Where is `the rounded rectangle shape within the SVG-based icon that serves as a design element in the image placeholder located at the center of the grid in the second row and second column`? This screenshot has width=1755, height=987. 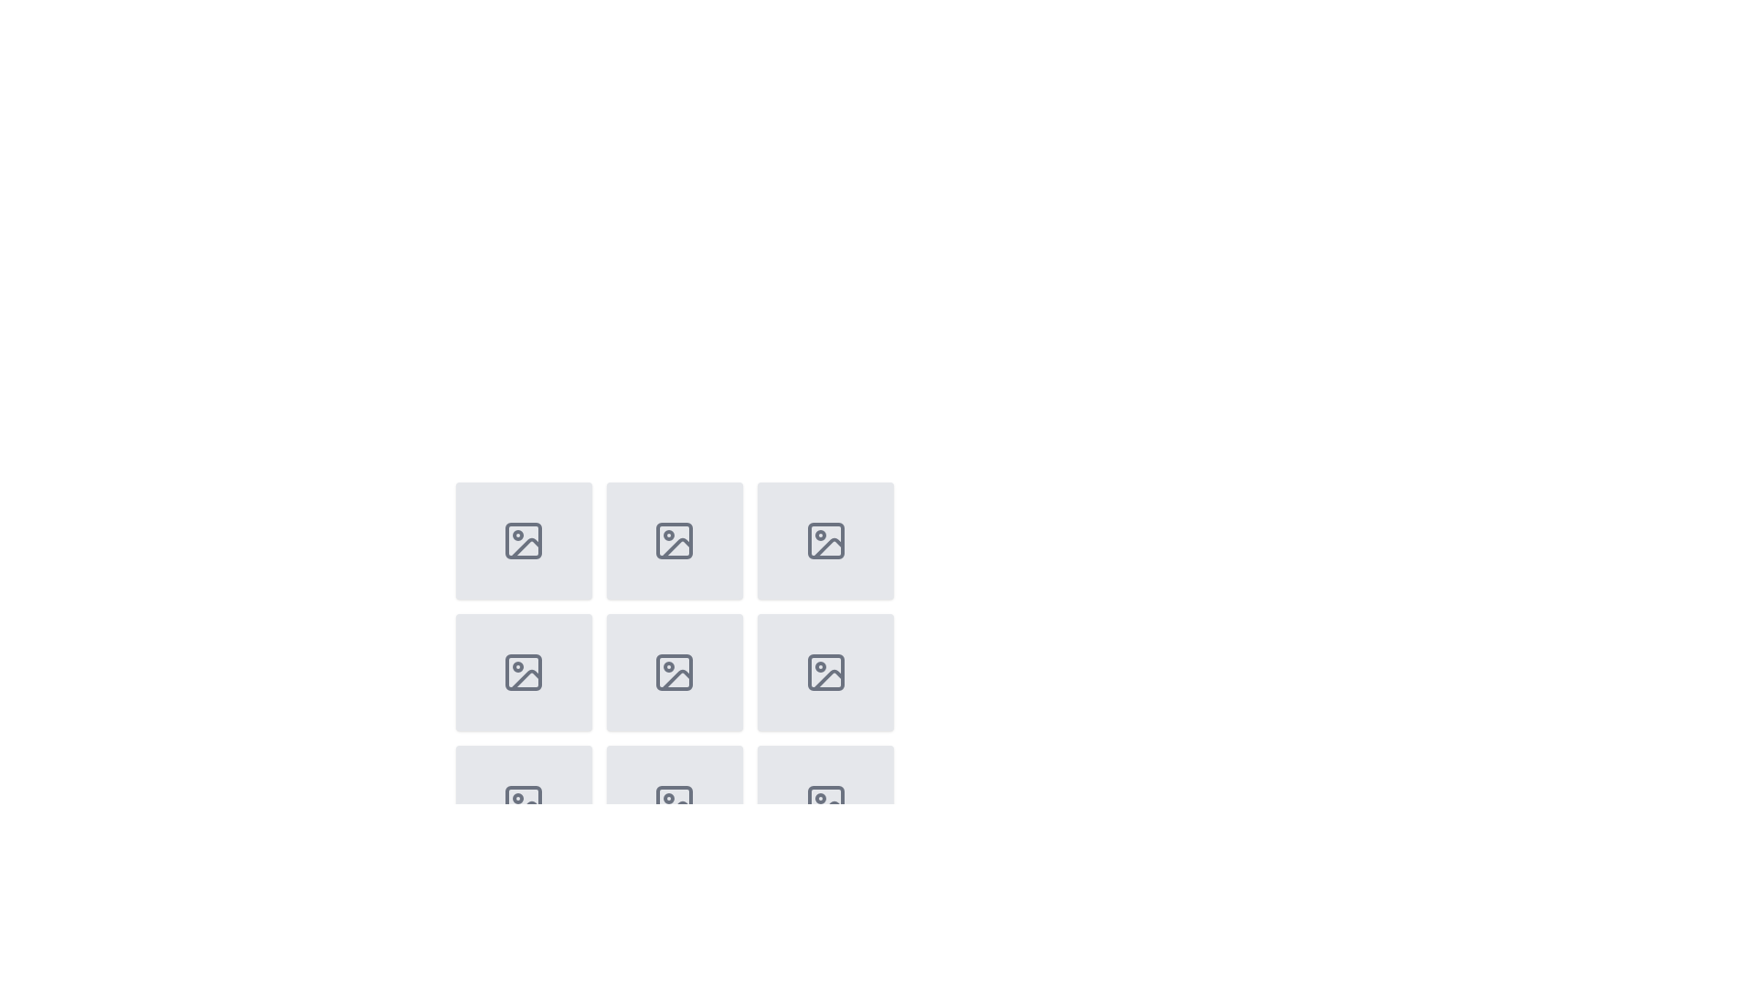 the rounded rectangle shape within the SVG-based icon that serves as a design element in the image placeholder located at the center of the grid in the second row and second column is located at coordinates (674, 539).